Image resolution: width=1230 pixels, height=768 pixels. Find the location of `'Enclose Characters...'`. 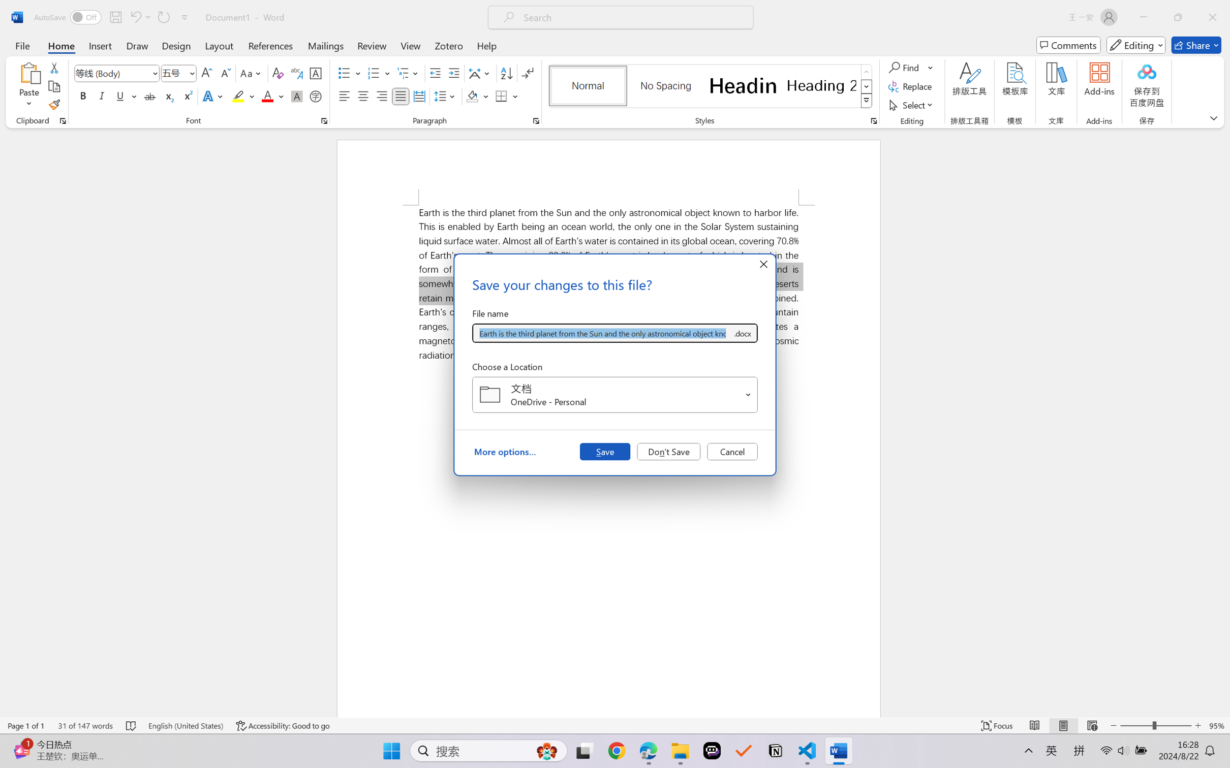

'Enclose Characters...' is located at coordinates (316, 95).